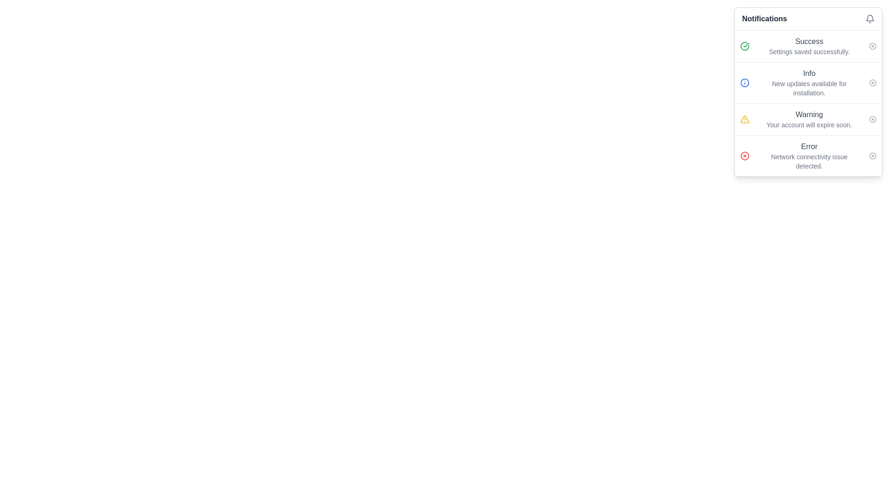  I want to click on the text label displaying 'Info' located at the top of the notification card, so click(809, 73).